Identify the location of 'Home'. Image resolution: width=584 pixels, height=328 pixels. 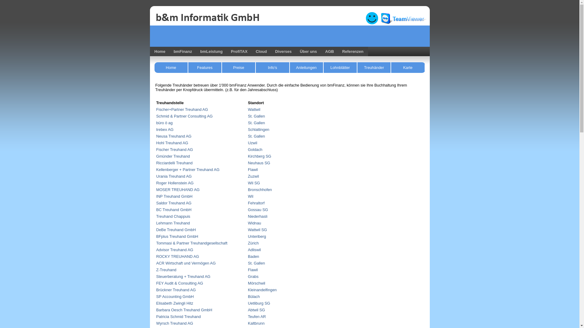
(149, 51).